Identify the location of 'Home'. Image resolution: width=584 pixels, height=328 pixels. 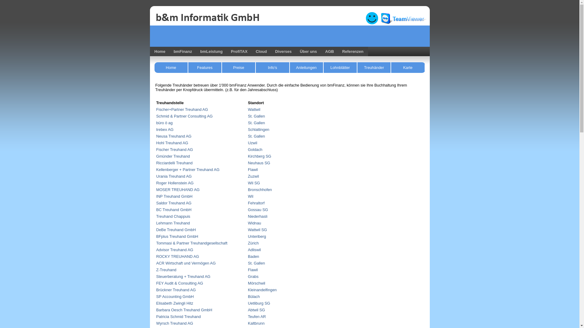
(149, 51).